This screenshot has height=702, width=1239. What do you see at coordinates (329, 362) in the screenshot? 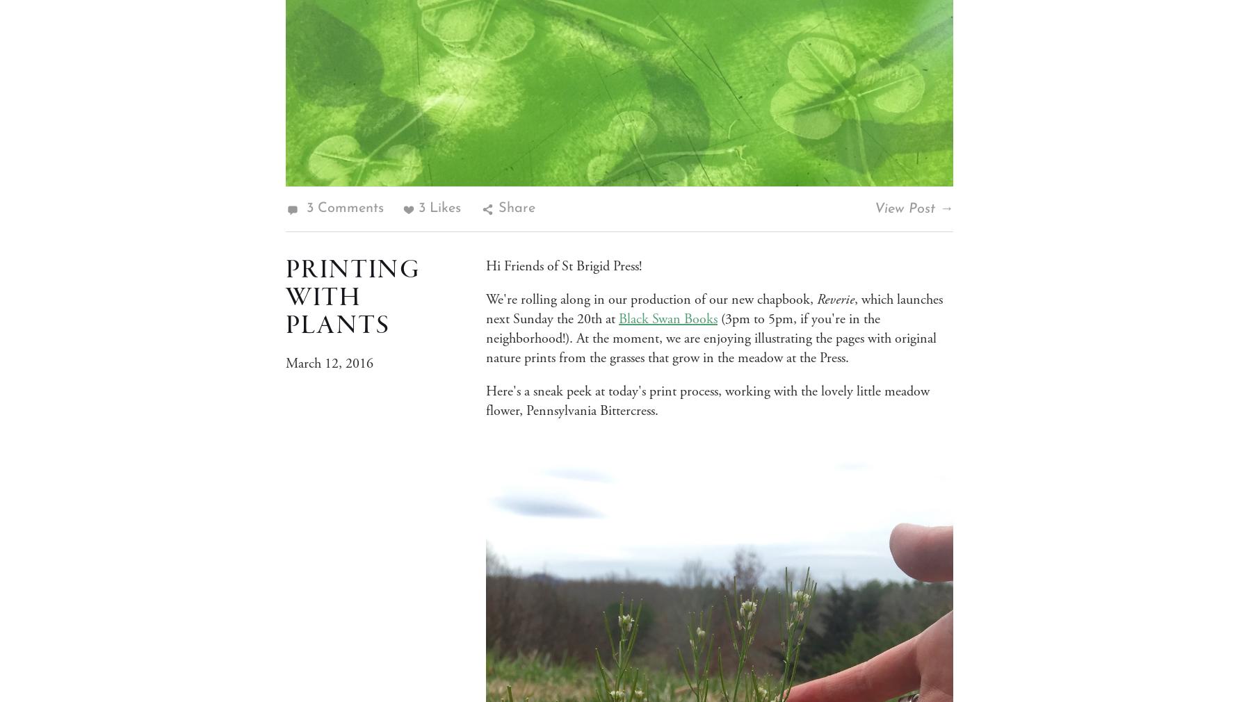
I see `'March 12, 2016'` at bounding box center [329, 362].